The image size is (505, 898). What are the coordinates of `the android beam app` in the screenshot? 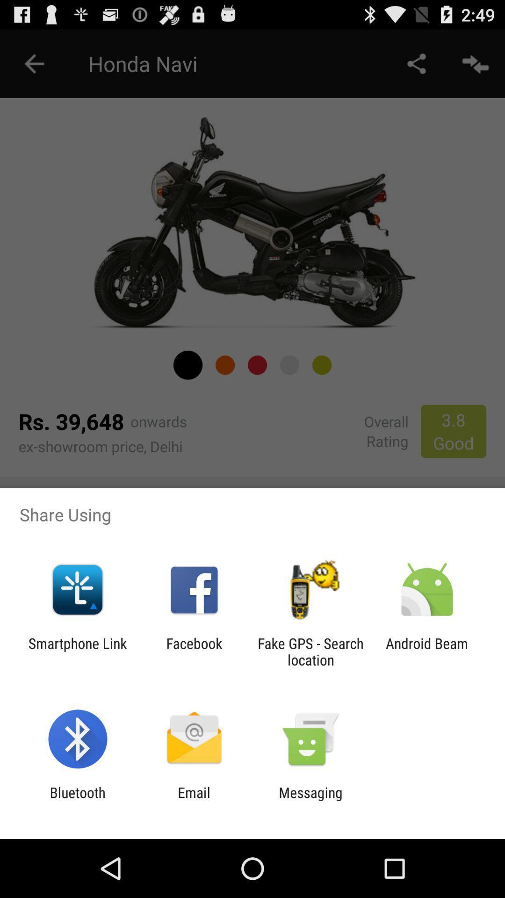 It's located at (427, 651).